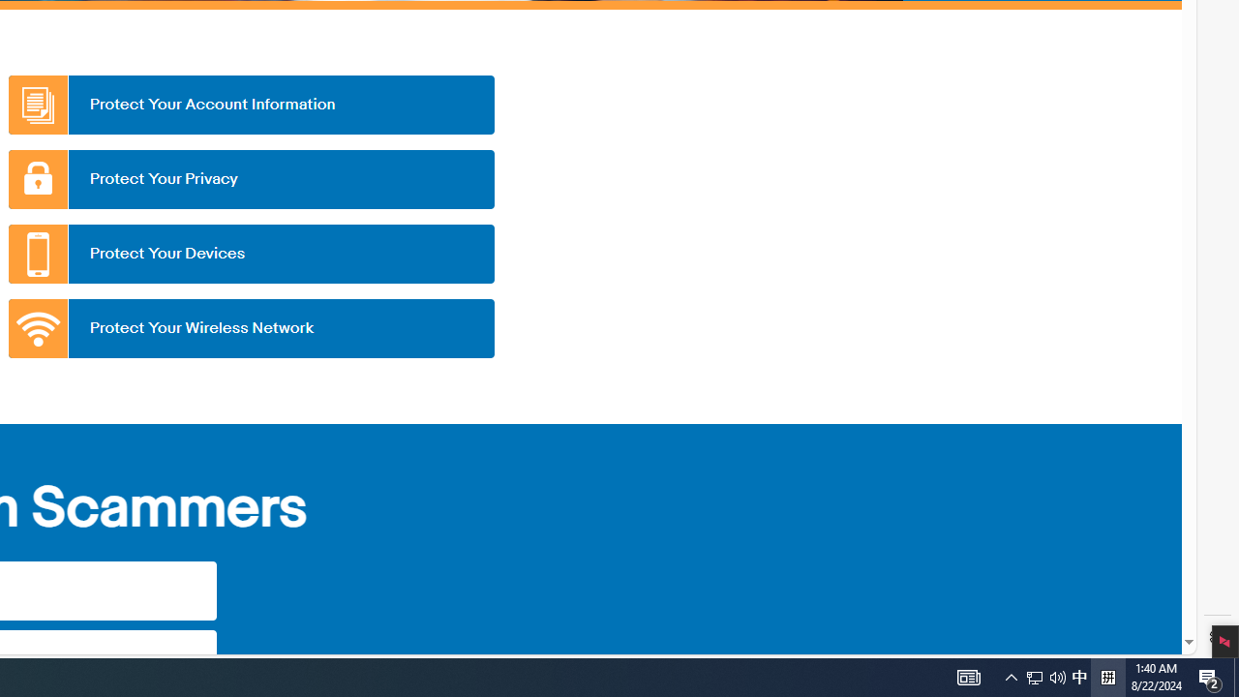 This screenshot has height=697, width=1239. What do you see at coordinates (250, 327) in the screenshot?
I see `'Protect Your Wireless Network'` at bounding box center [250, 327].